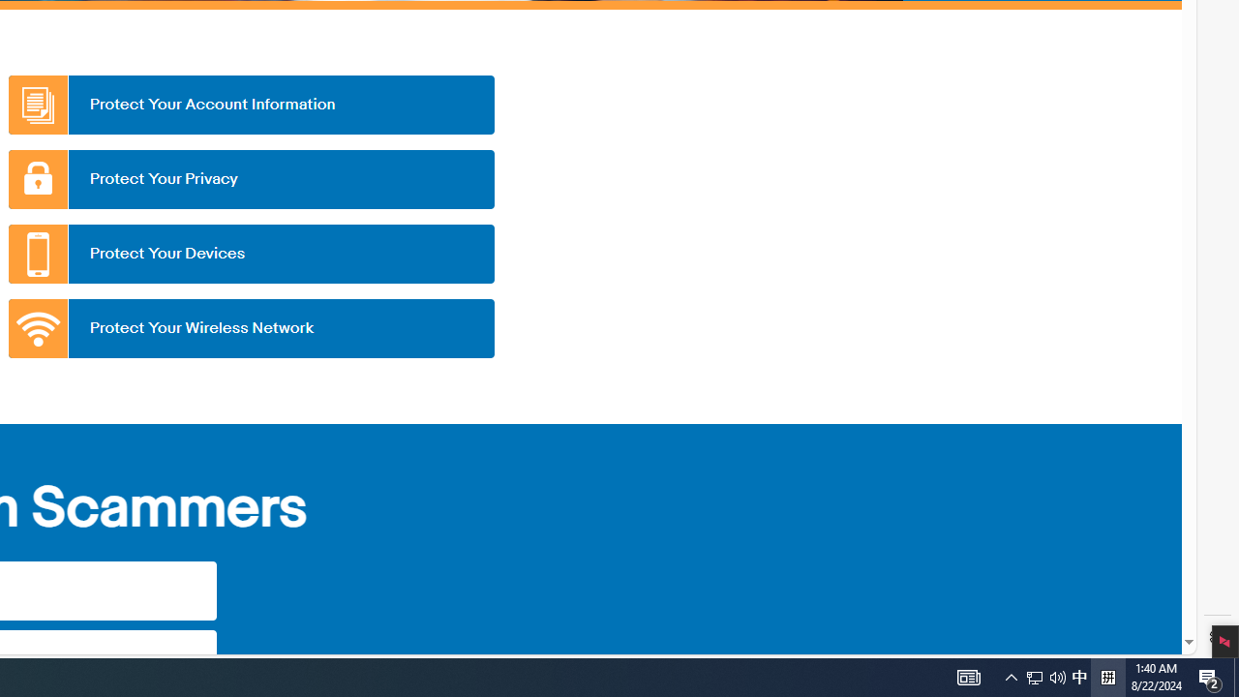 This screenshot has height=697, width=1239. What do you see at coordinates (250, 327) in the screenshot?
I see `'Protect Your Wireless Network'` at bounding box center [250, 327].